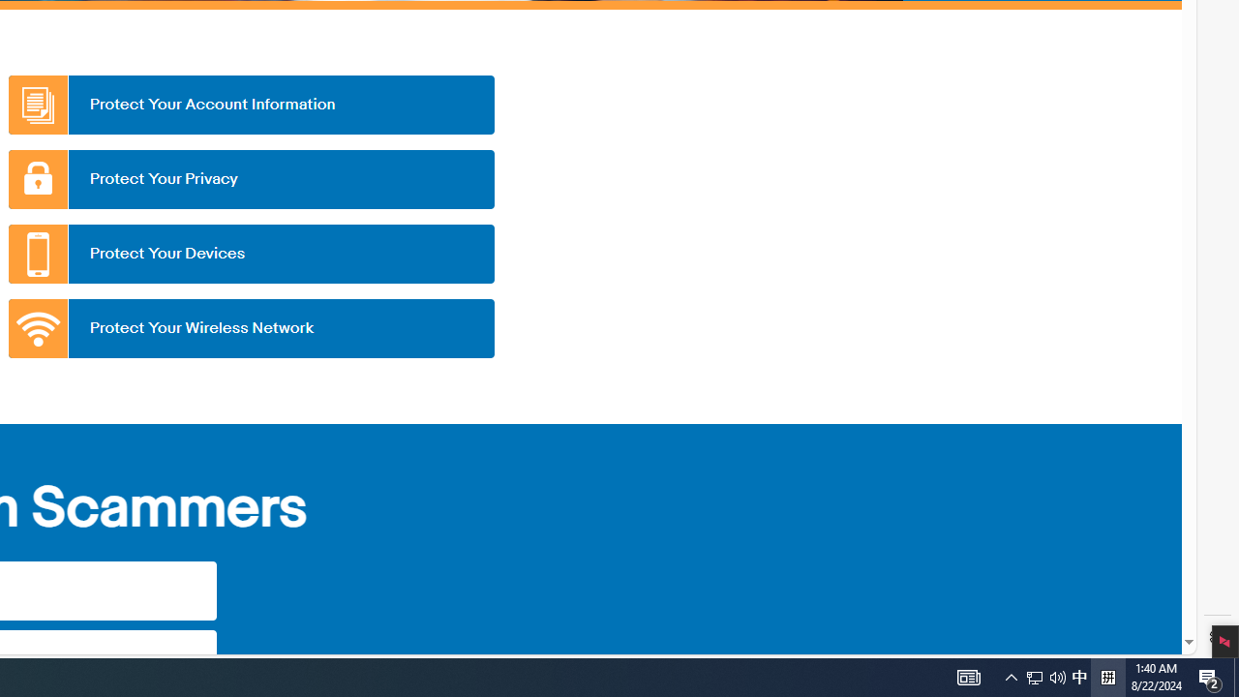 This screenshot has height=697, width=1239. What do you see at coordinates (250, 327) in the screenshot?
I see `'Protect Your Wireless Network'` at bounding box center [250, 327].